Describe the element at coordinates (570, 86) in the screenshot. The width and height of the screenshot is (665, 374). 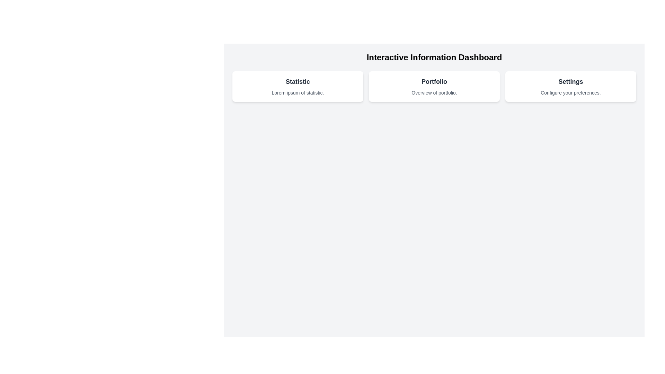
I see `the Settings card to view its details or activate its functionality` at that location.